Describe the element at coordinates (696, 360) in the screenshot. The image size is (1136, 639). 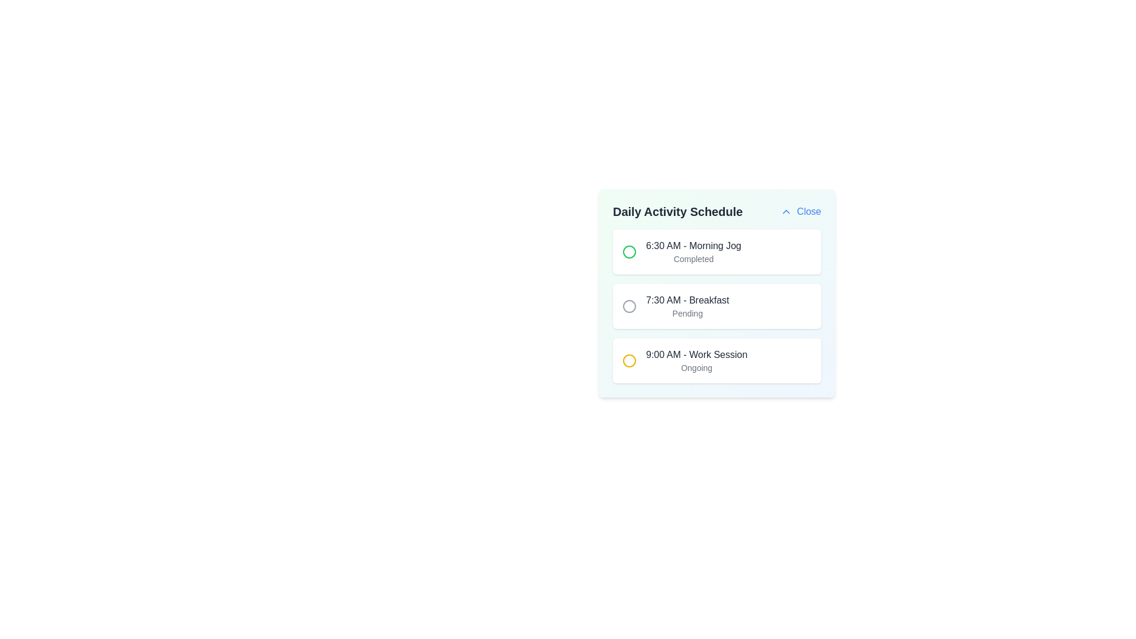
I see `text of the Information Label representing the scheduled event 'Work Session' with start time '9:00 AM' and status 'Ongoing', located in the 'Daily Activity Schedule' section as the third item in the list` at that location.